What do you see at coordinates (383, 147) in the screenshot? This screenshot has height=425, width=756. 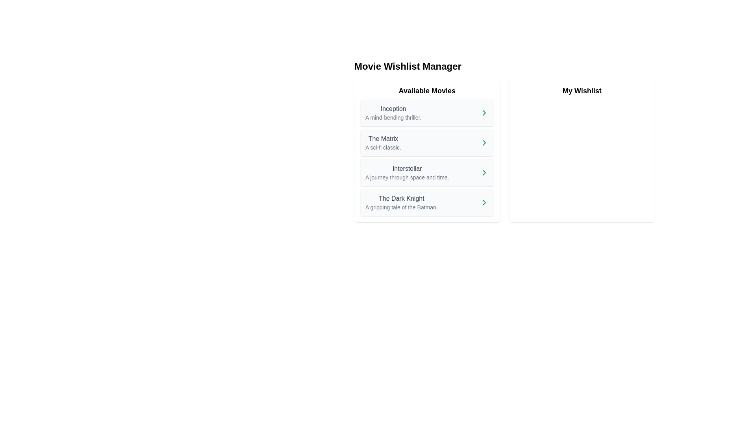 I see `the text label that reads 'A sci-fi classic.' located below the title 'The Matrix' in the 'Available Movies' section` at bounding box center [383, 147].